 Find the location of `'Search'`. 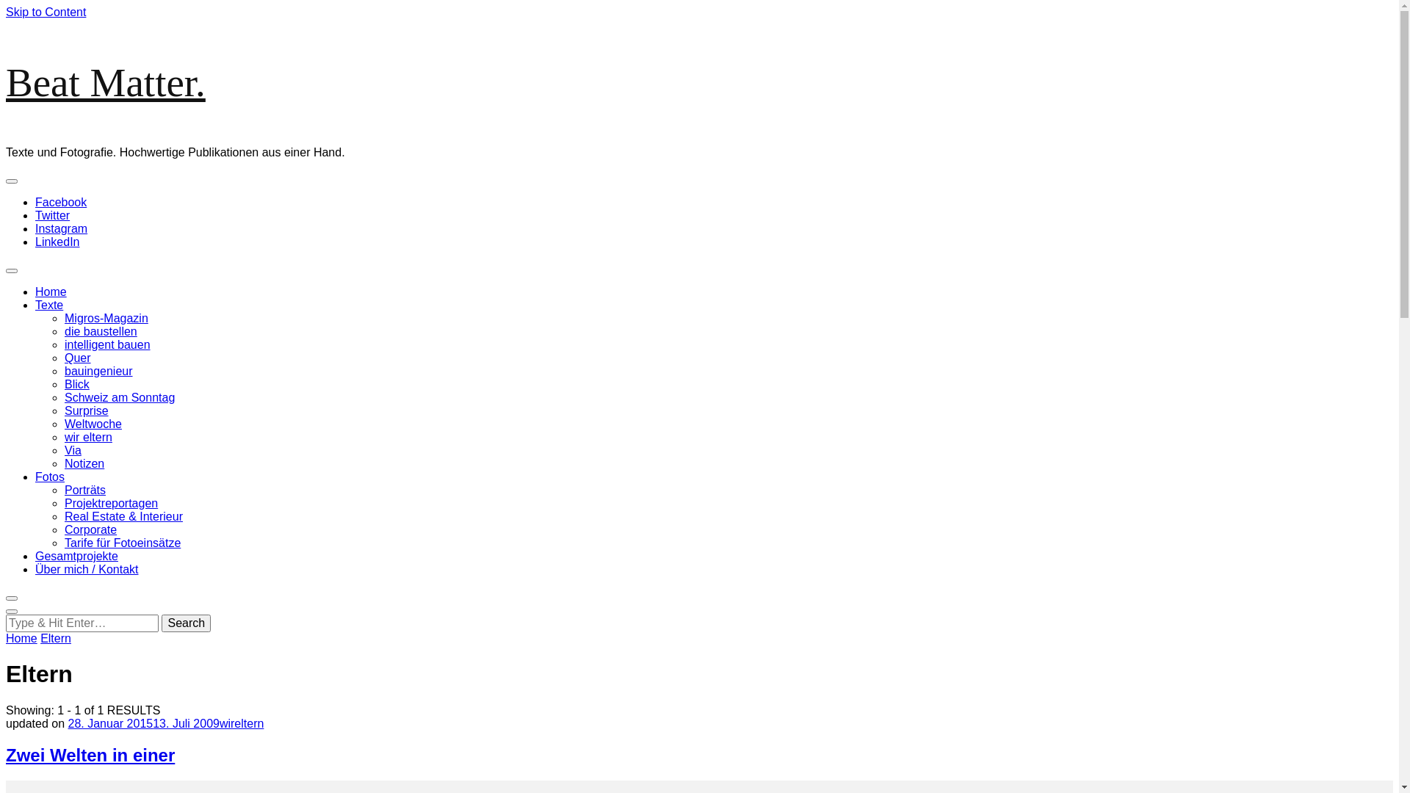

'Search' is located at coordinates (185, 623).